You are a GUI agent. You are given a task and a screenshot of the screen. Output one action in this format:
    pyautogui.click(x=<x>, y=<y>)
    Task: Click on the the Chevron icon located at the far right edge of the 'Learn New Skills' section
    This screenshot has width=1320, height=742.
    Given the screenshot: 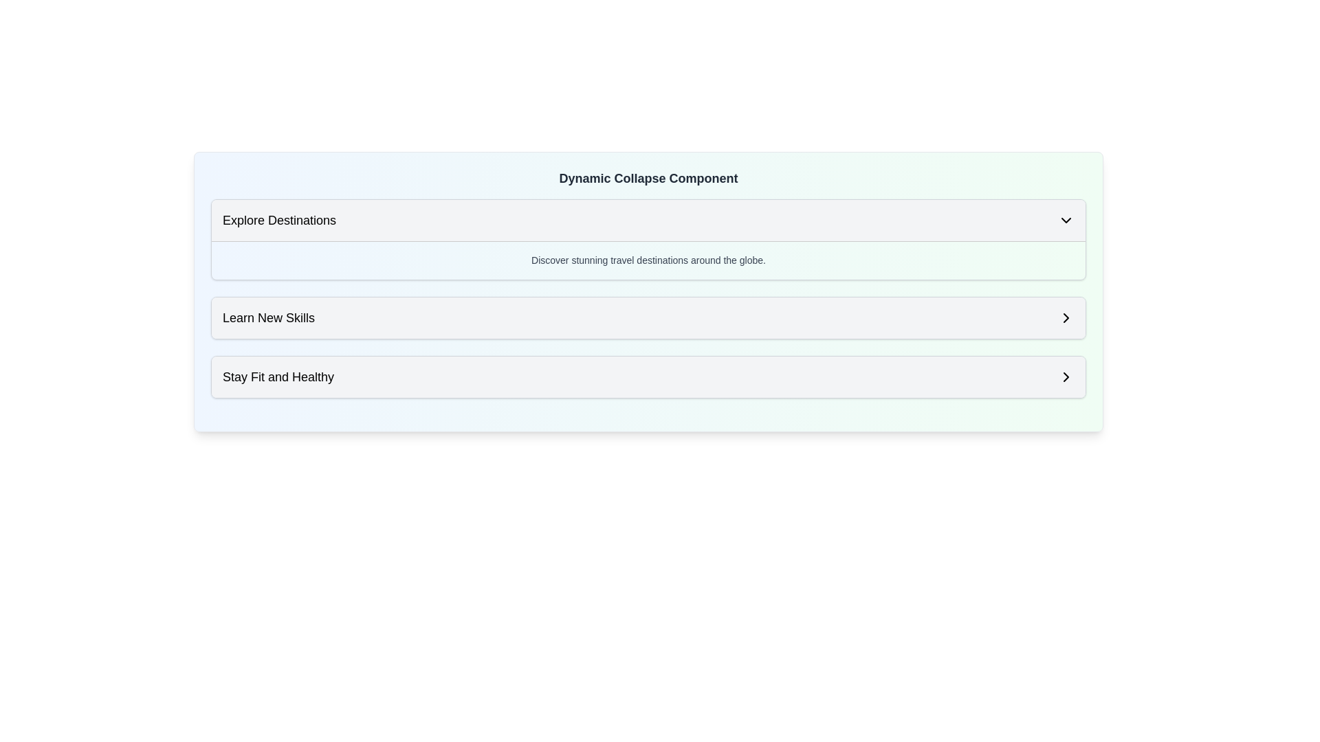 What is the action you would take?
    pyautogui.click(x=1065, y=317)
    